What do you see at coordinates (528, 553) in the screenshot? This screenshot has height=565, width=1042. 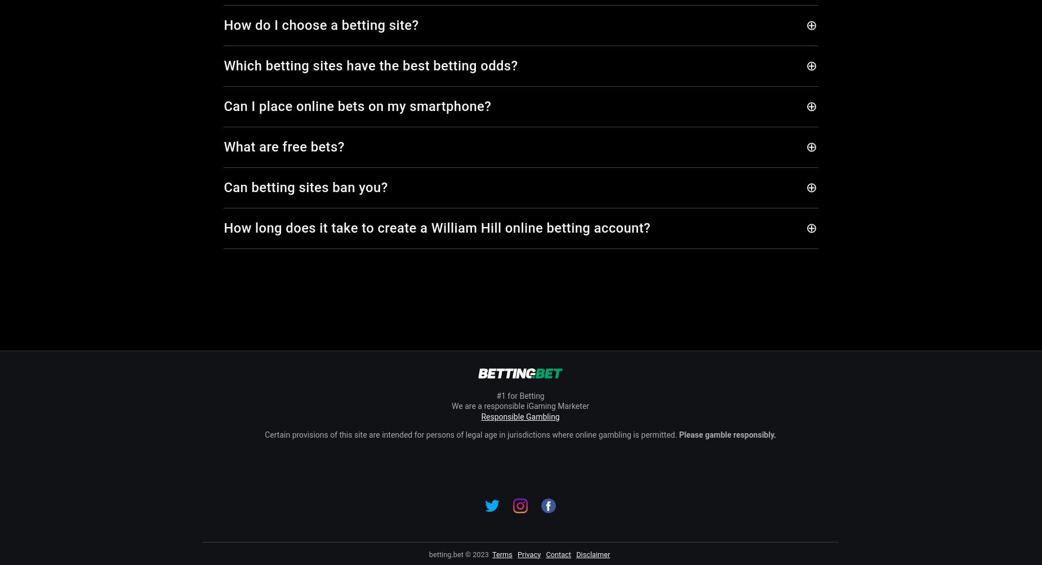 I see `'Privacy'` at bounding box center [528, 553].